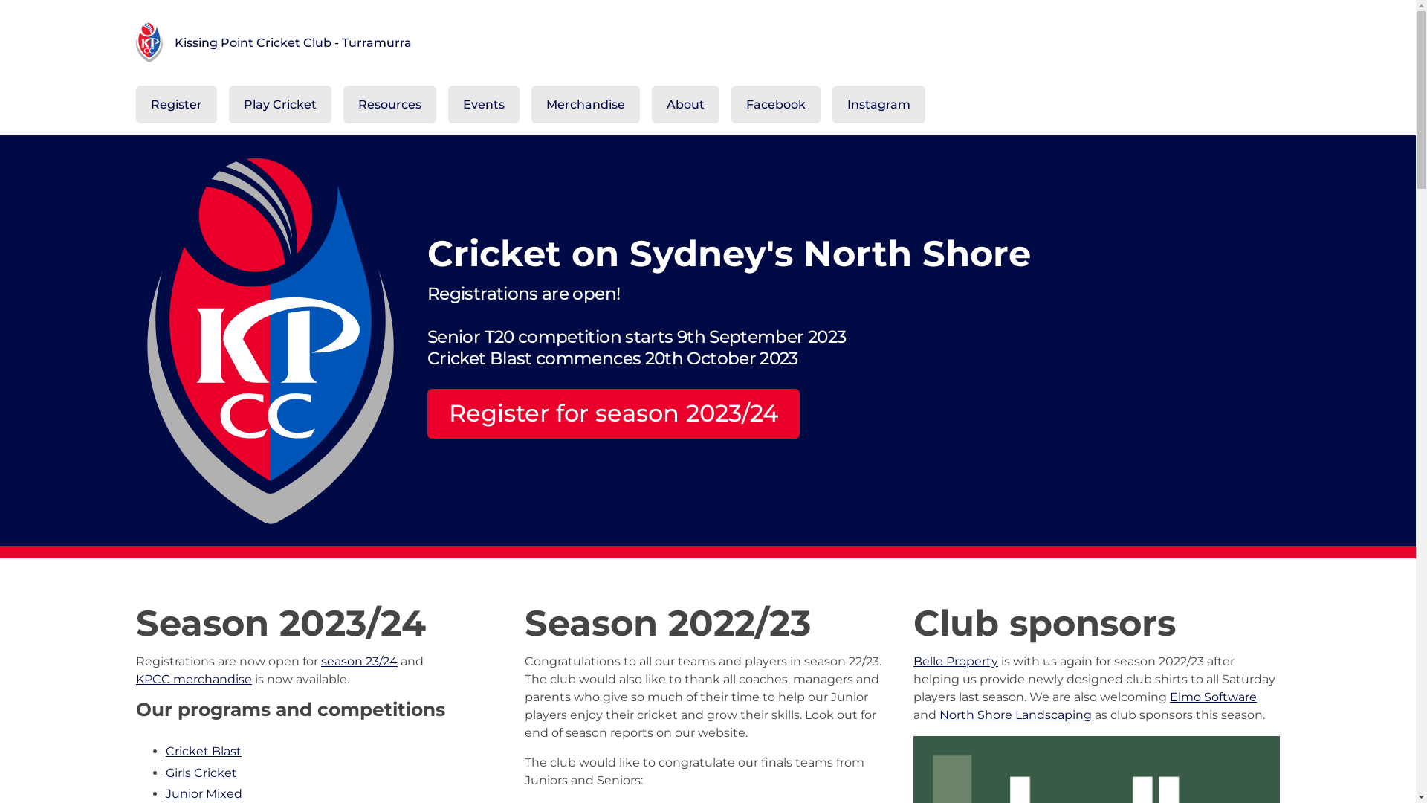 The width and height of the screenshot is (1427, 803). Describe the element at coordinates (192, 679) in the screenshot. I see `'KPCC merchandise'` at that location.